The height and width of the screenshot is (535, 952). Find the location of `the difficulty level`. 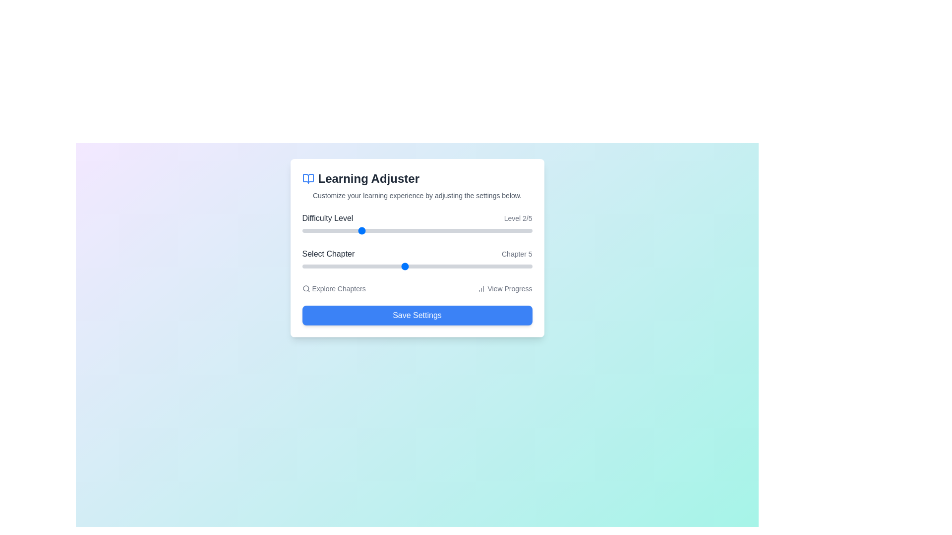

the difficulty level is located at coordinates (417, 231).